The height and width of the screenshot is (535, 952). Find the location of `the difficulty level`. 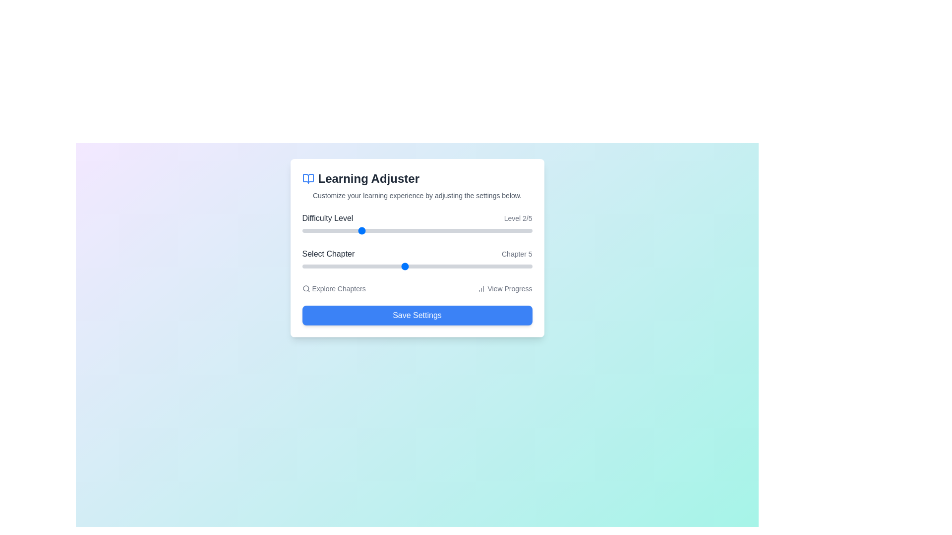

the difficulty level is located at coordinates (417, 231).